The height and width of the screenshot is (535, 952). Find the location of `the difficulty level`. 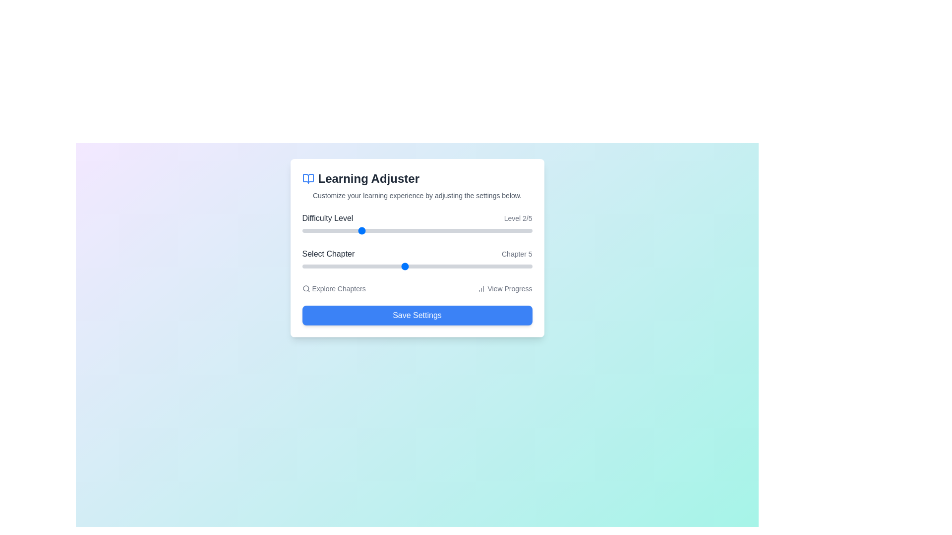

the difficulty level is located at coordinates (417, 231).